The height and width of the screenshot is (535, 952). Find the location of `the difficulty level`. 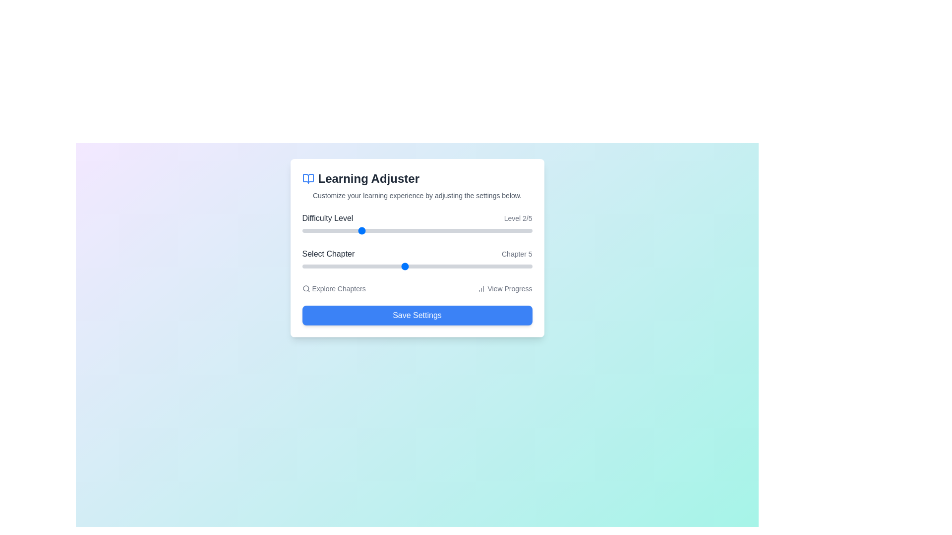

the difficulty level is located at coordinates (417, 231).